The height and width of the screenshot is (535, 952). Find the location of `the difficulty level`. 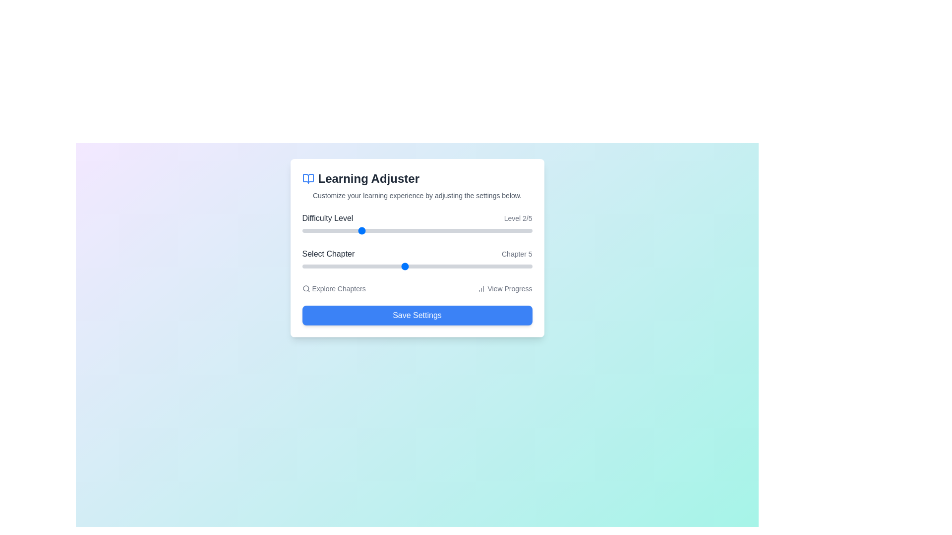

the difficulty level is located at coordinates (417, 231).